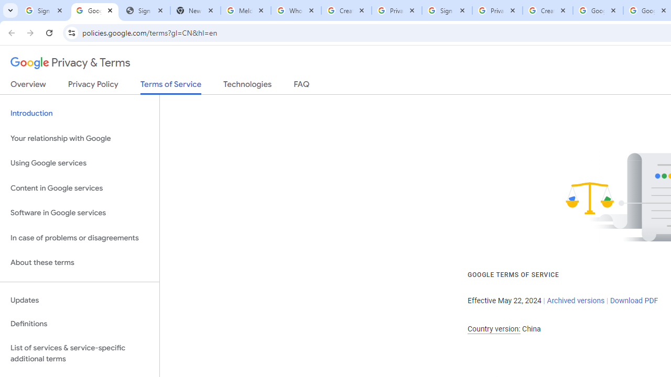 The image size is (671, 377). What do you see at coordinates (79, 213) in the screenshot?
I see `'Software in Google services'` at bounding box center [79, 213].